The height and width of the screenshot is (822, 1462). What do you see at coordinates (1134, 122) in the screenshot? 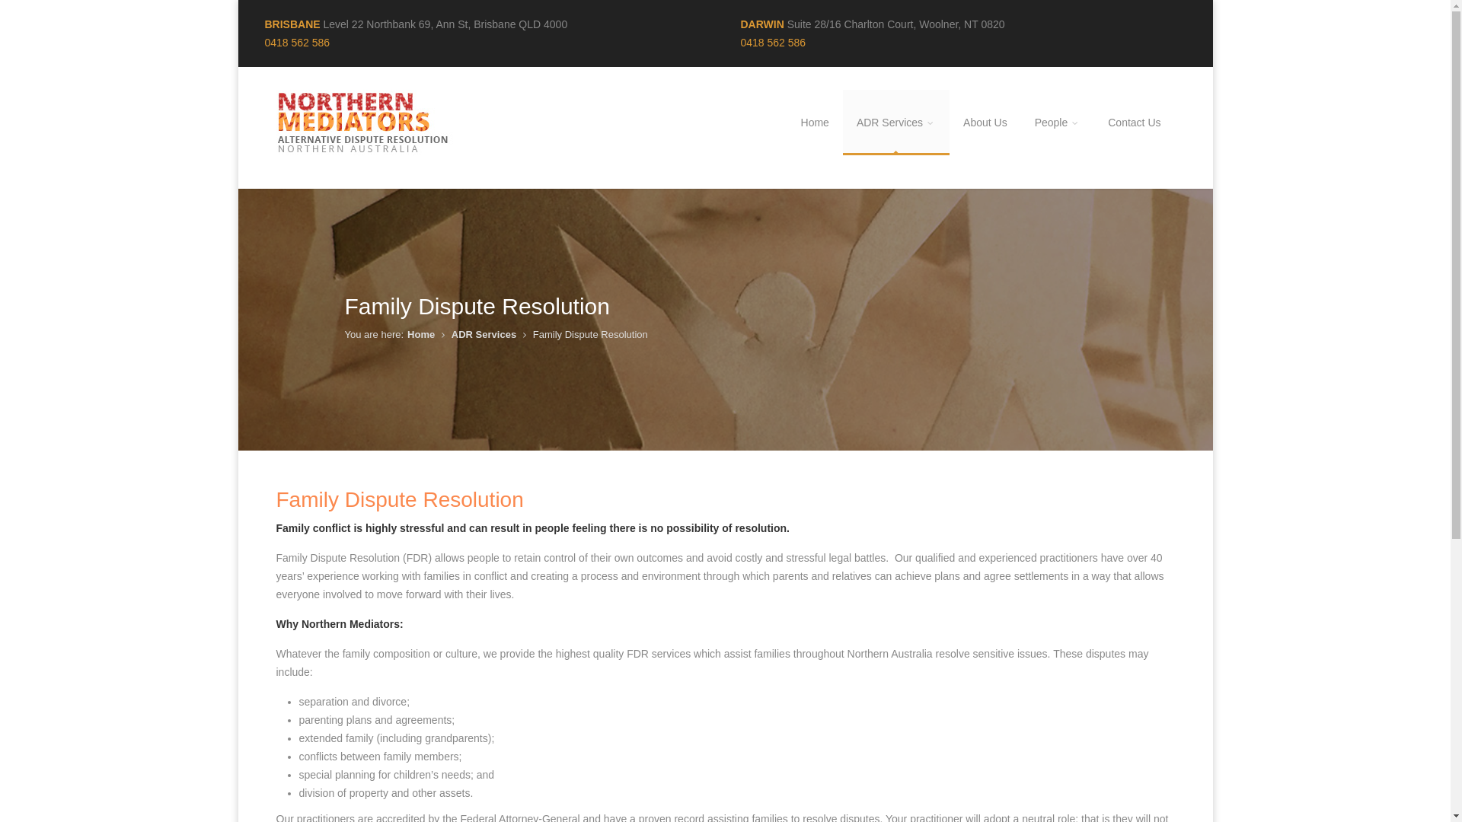
I see `'Contact Us'` at bounding box center [1134, 122].